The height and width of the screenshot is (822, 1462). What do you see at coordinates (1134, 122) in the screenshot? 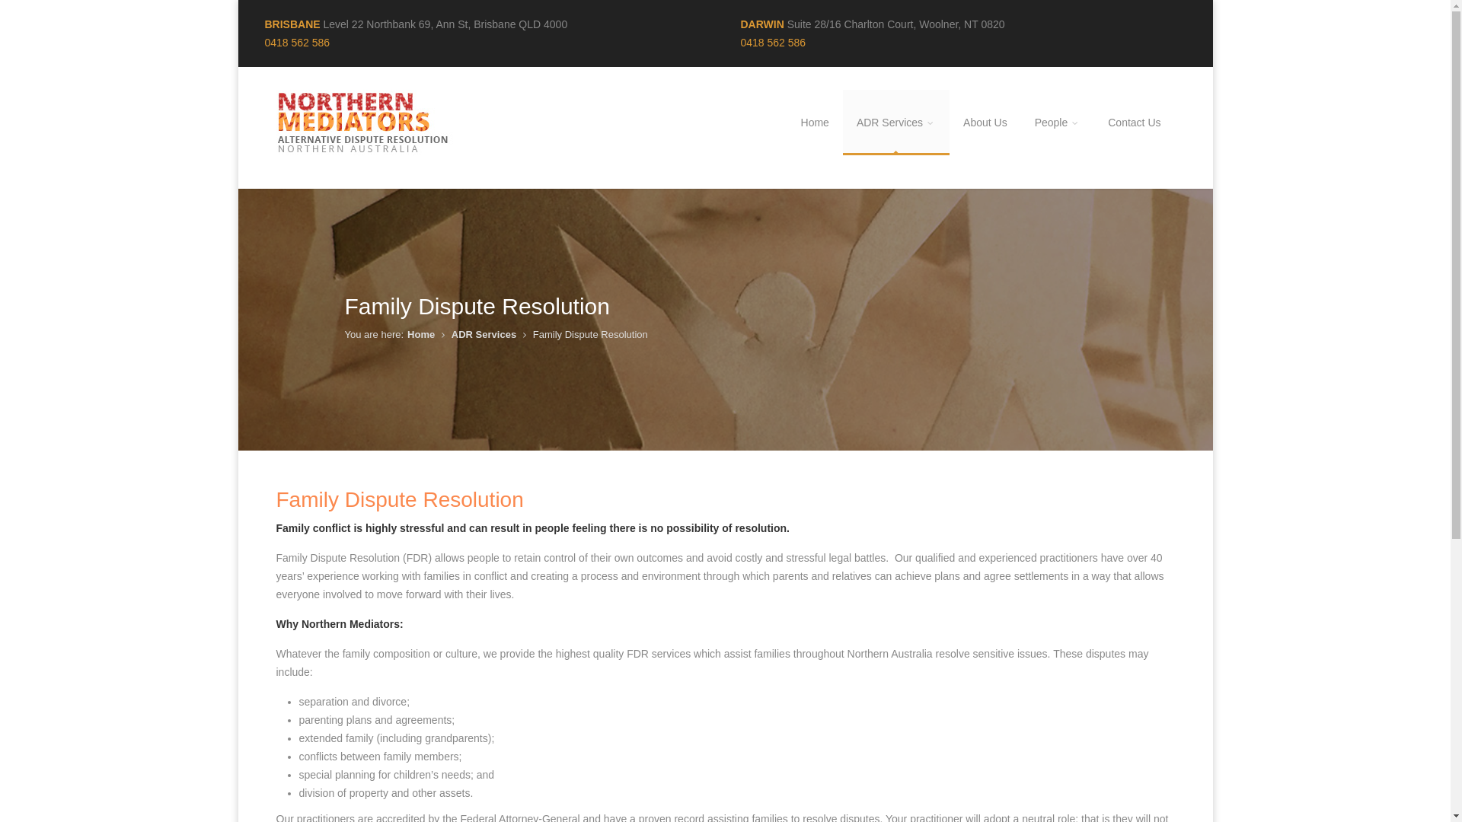
I see `'Contact Us'` at bounding box center [1134, 122].